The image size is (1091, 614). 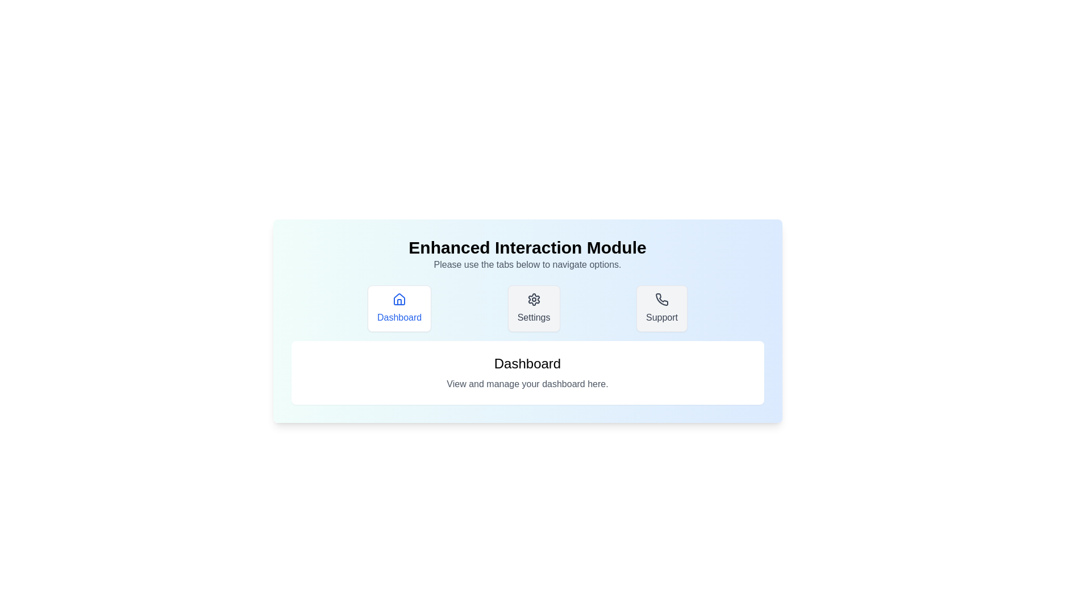 What do you see at coordinates (399, 309) in the screenshot?
I see `the Dashboard tab to activate it` at bounding box center [399, 309].